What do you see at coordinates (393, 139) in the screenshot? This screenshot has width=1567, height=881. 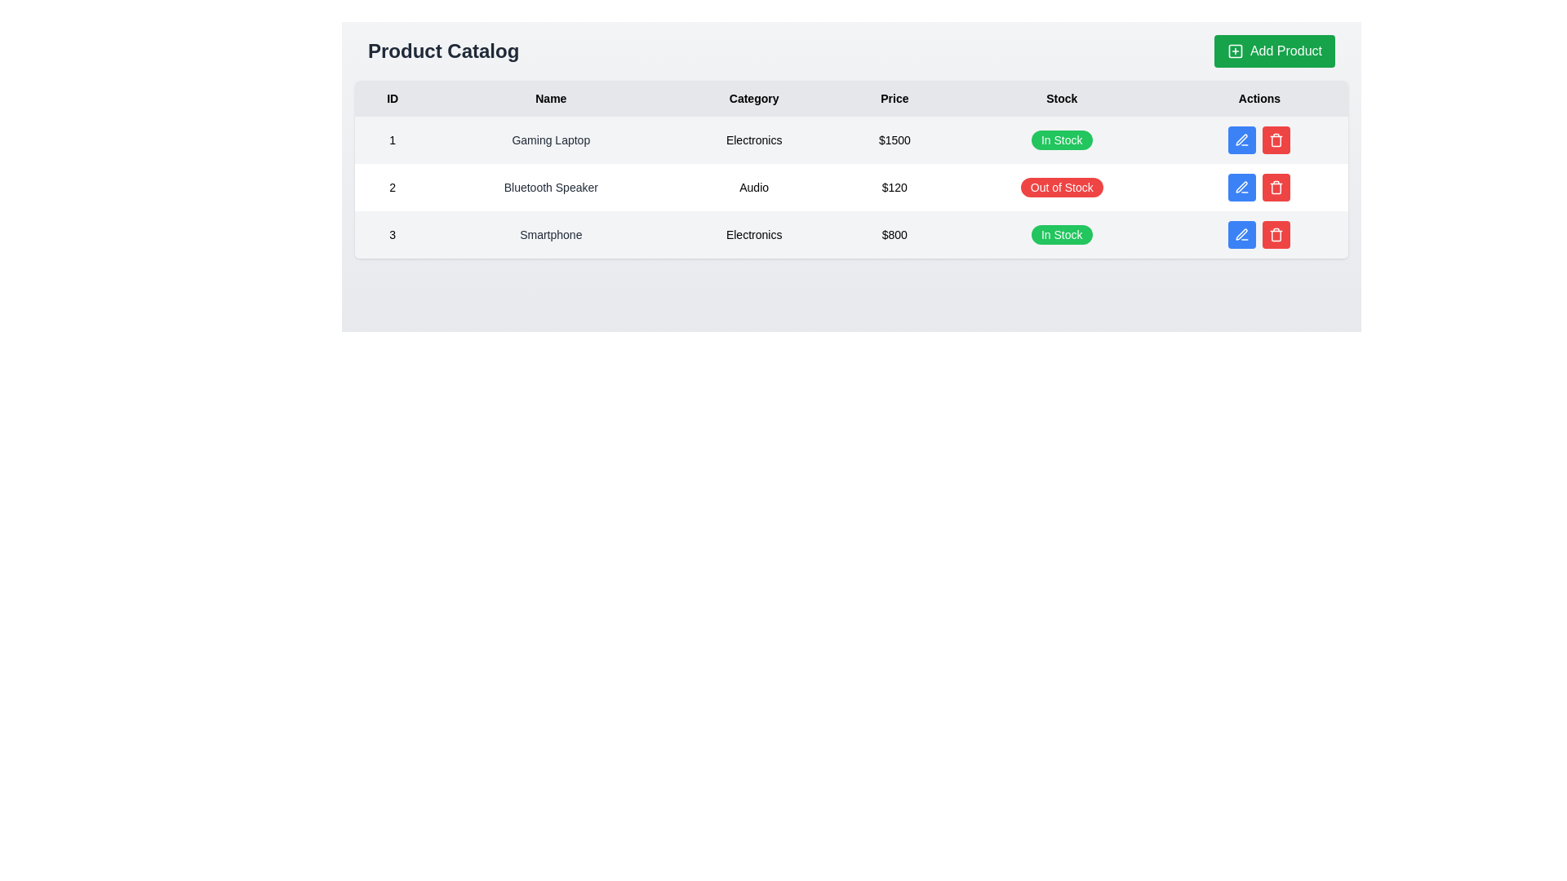 I see `the Static text element representing the ID of the first row in the product table for the "Gaming Laptop"` at bounding box center [393, 139].